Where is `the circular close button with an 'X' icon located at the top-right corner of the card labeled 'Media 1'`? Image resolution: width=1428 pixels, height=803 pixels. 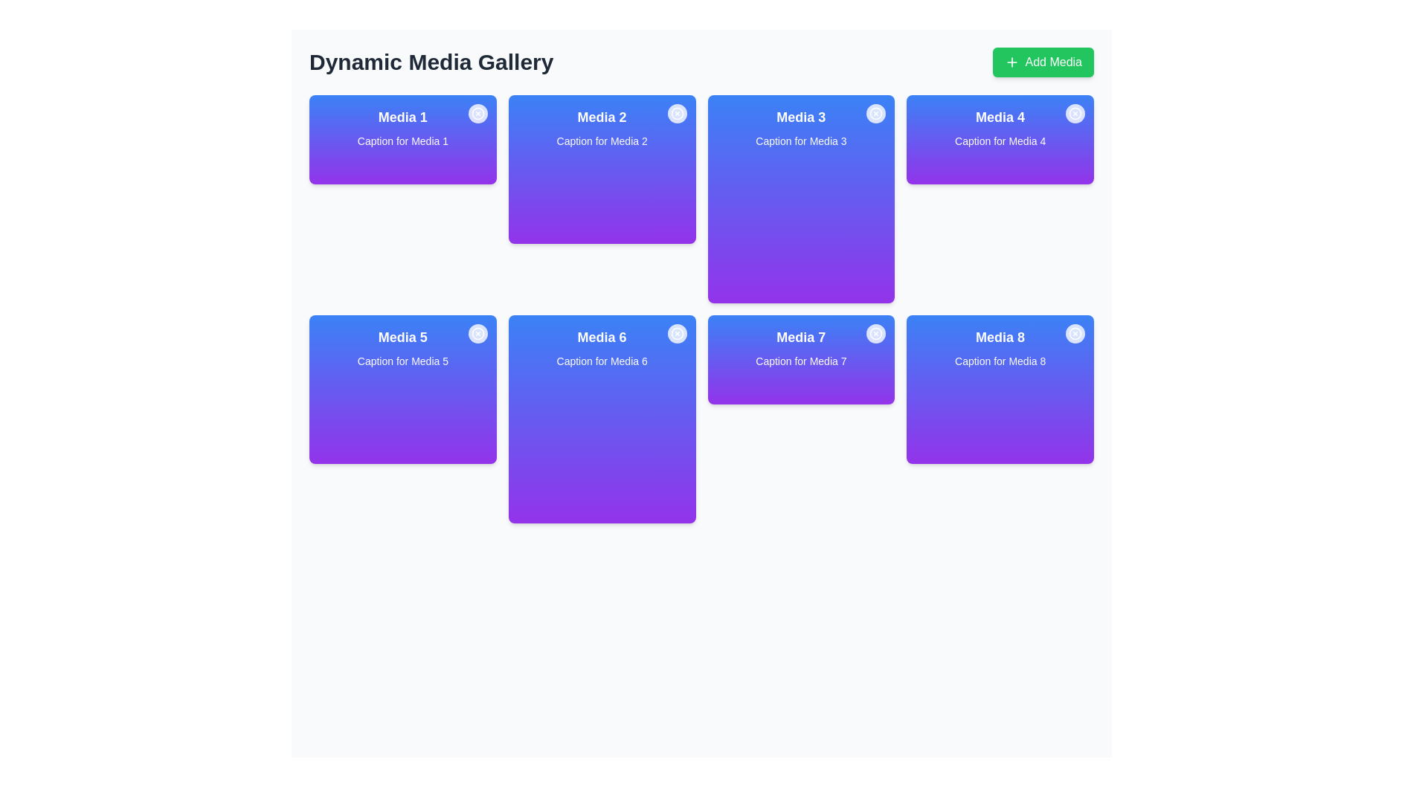 the circular close button with an 'X' icon located at the top-right corner of the card labeled 'Media 1' is located at coordinates (477, 113).